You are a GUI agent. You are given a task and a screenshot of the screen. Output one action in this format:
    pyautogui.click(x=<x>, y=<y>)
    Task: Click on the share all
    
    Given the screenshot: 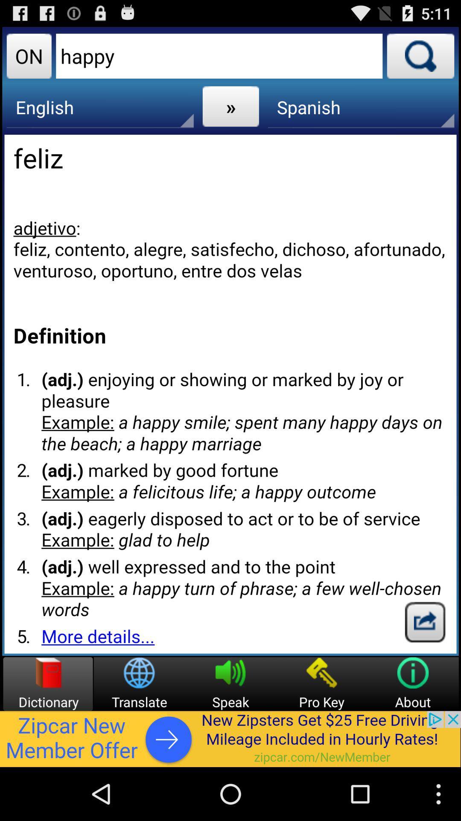 What is the action you would take?
    pyautogui.click(x=425, y=622)
    